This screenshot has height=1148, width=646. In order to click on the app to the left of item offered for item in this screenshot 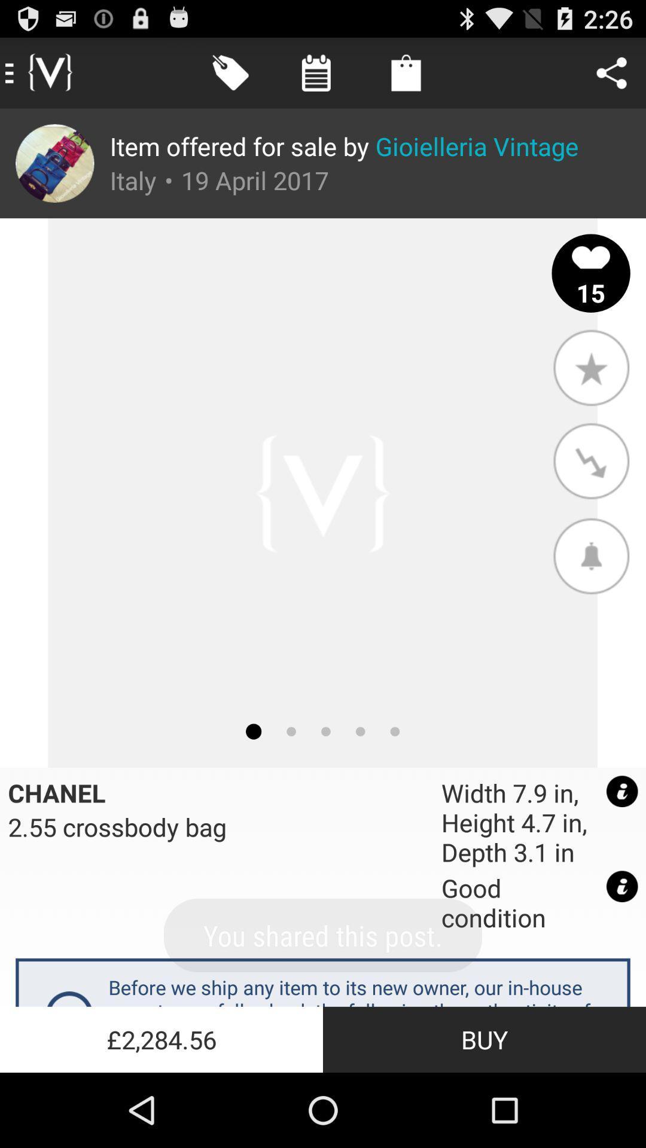, I will do `click(54, 163)`.